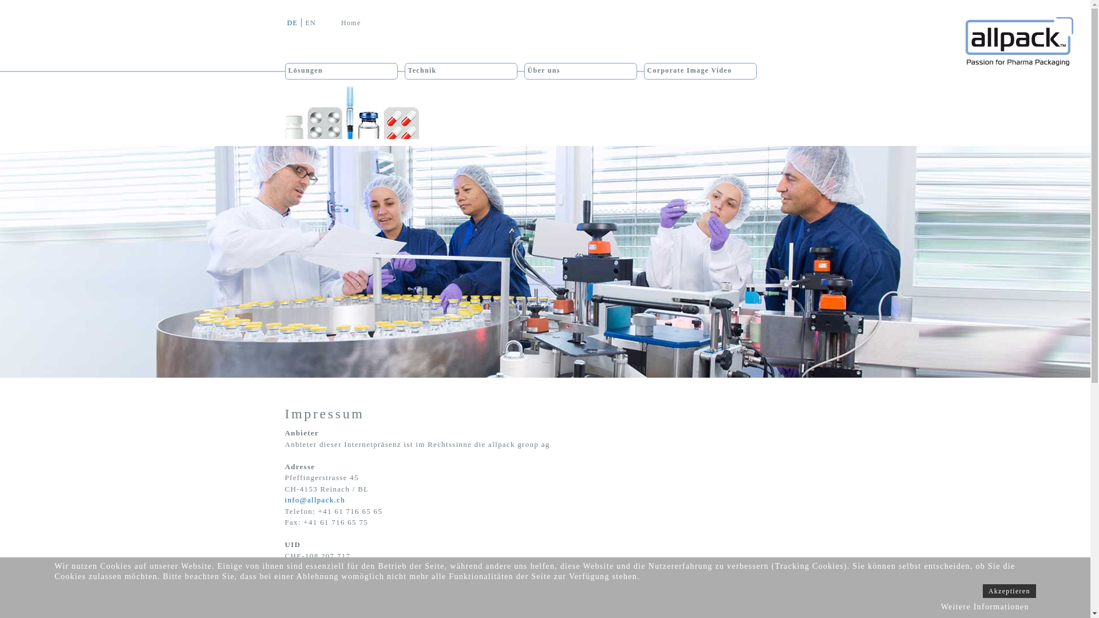 Image resolution: width=1099 pixels, height=618 pixels. What do you see at coordinates (407, 70) in the screenshot?
I see `'Technik'` at bounding box center [407, 70].